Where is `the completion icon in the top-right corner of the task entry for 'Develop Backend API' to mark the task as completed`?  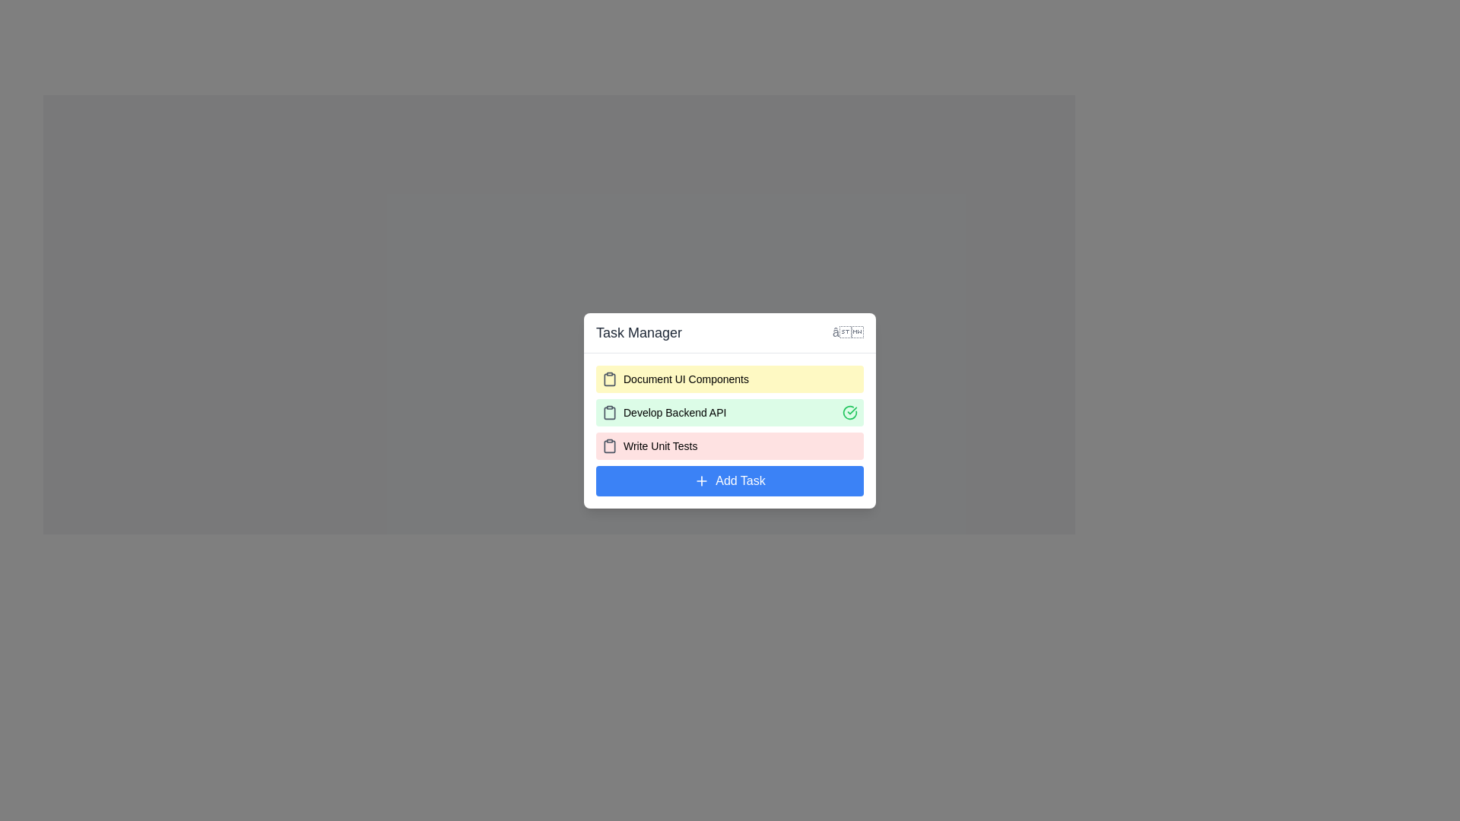 the completion icon in the top-right corner of the task entry for 'Develop Backend API' to mark the task as completed is located at coordinates (849, 412).